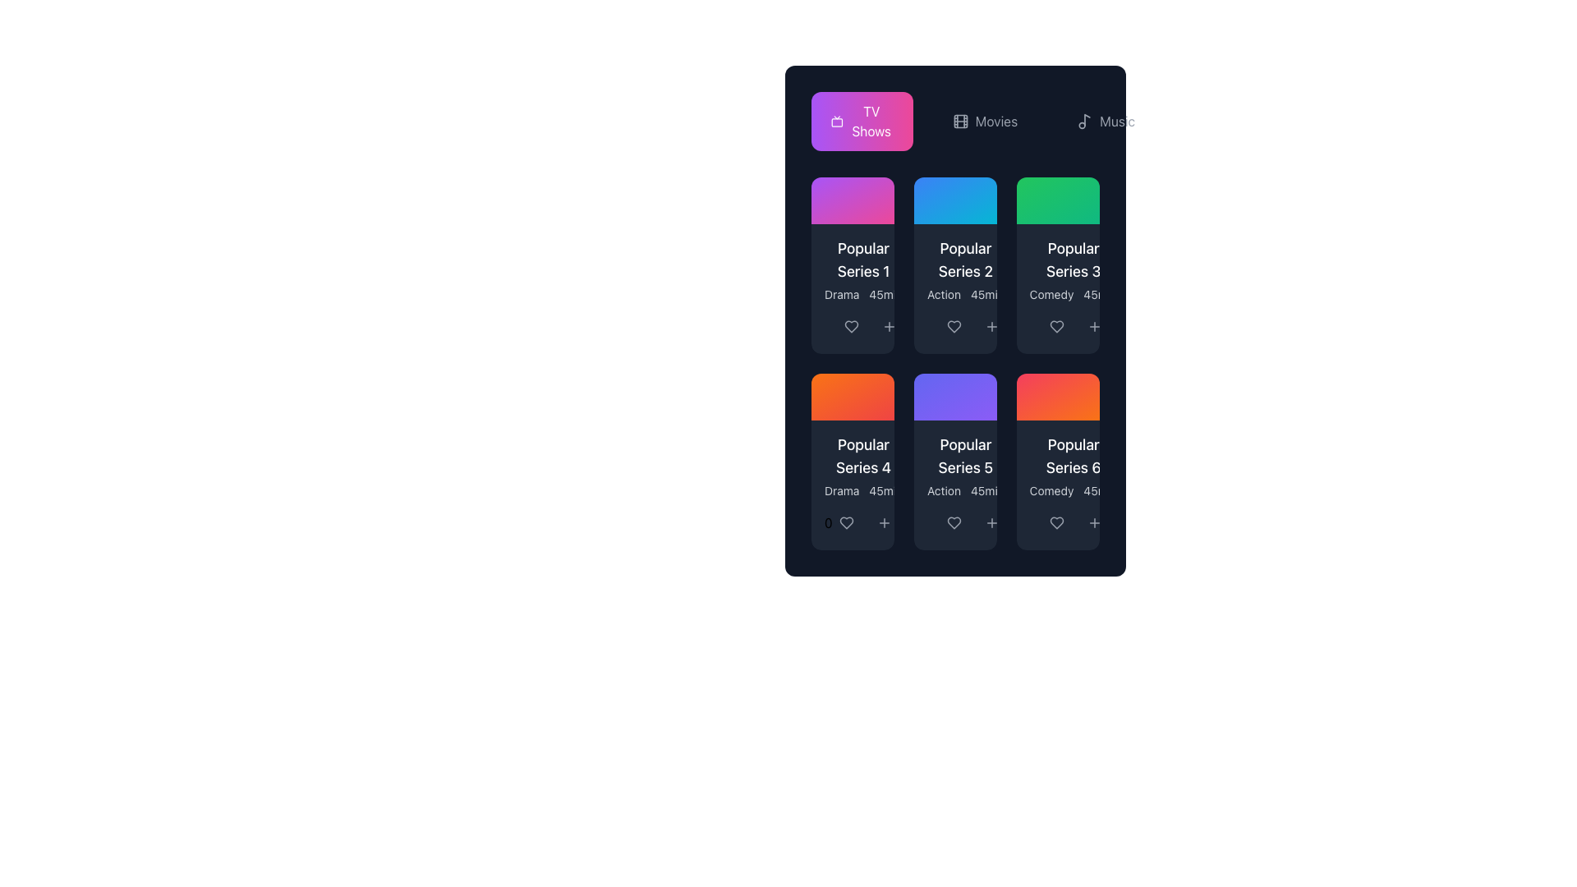 This screenshot has width=1577, height=887. Describe the element at coordinates (960, 120) in the screenshot. I see `the small SVG icon resembling a filmstrip located in the 'Movies' navigation section, positioned left of the 'Movies' text label and right of 'TV Shows'` at that location.